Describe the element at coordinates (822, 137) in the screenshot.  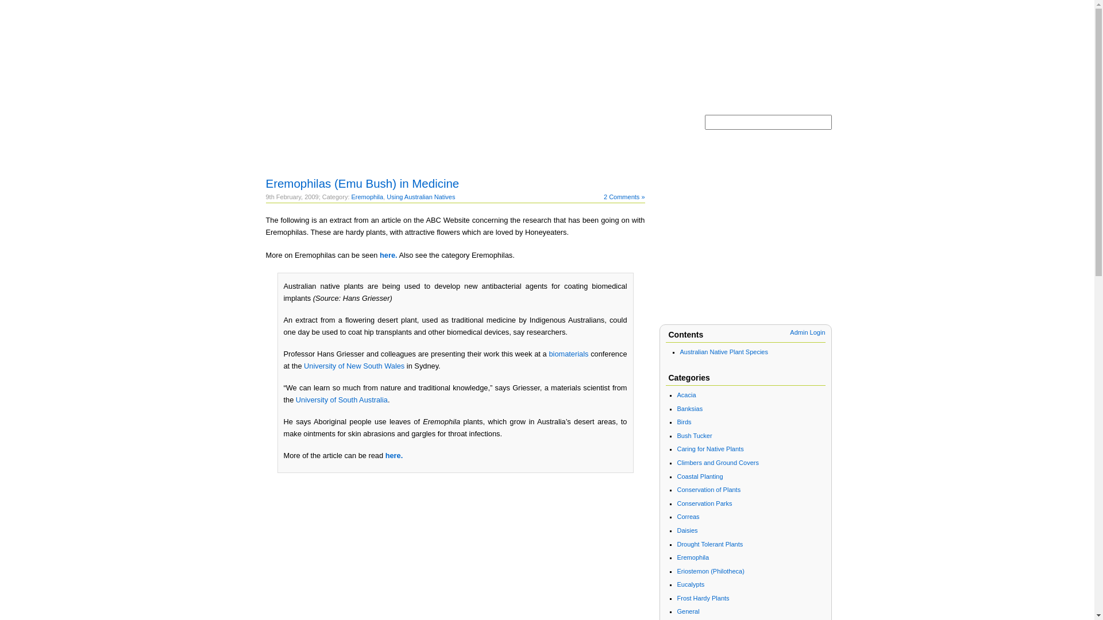
I see `'Search'` at that location.